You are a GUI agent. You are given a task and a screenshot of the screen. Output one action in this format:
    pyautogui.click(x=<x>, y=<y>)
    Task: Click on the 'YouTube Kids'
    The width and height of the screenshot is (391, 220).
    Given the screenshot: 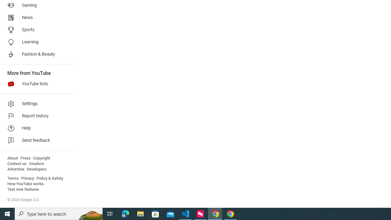 What is the action you would take?
    pyautogui.click(x=34, y=84)
    